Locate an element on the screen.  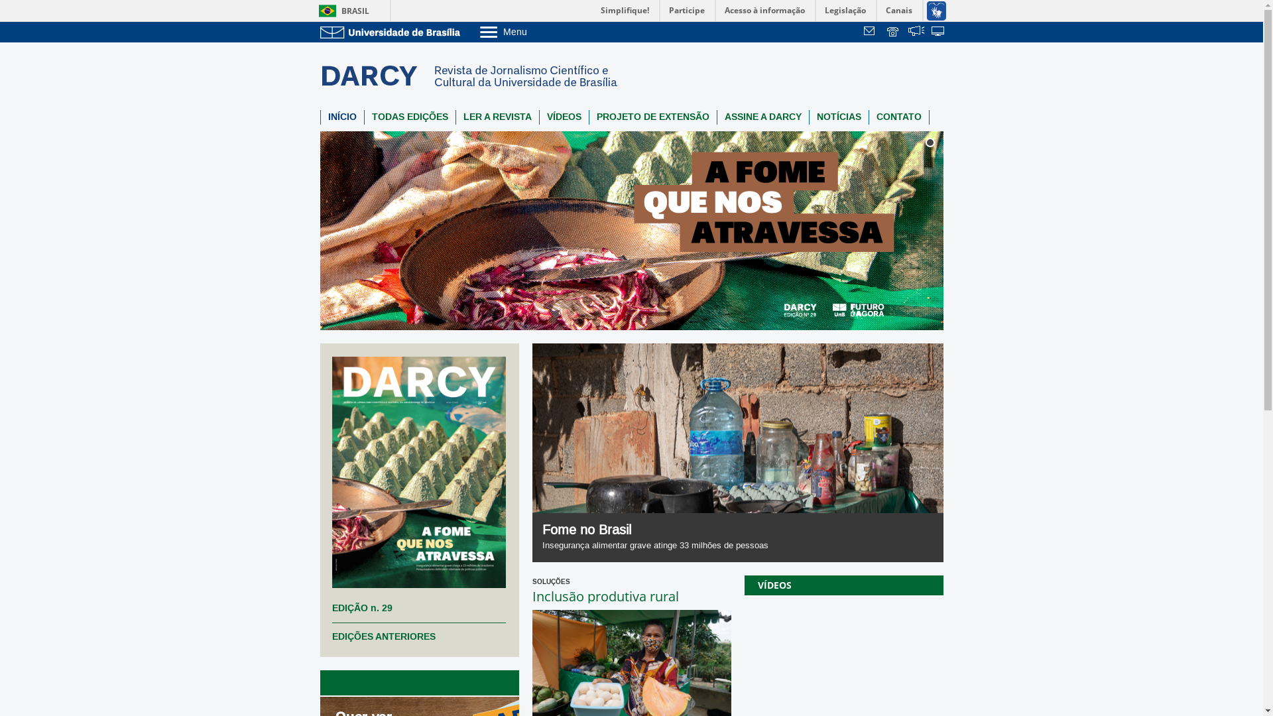
'CONTATO' is located at coordinates (898, 117).